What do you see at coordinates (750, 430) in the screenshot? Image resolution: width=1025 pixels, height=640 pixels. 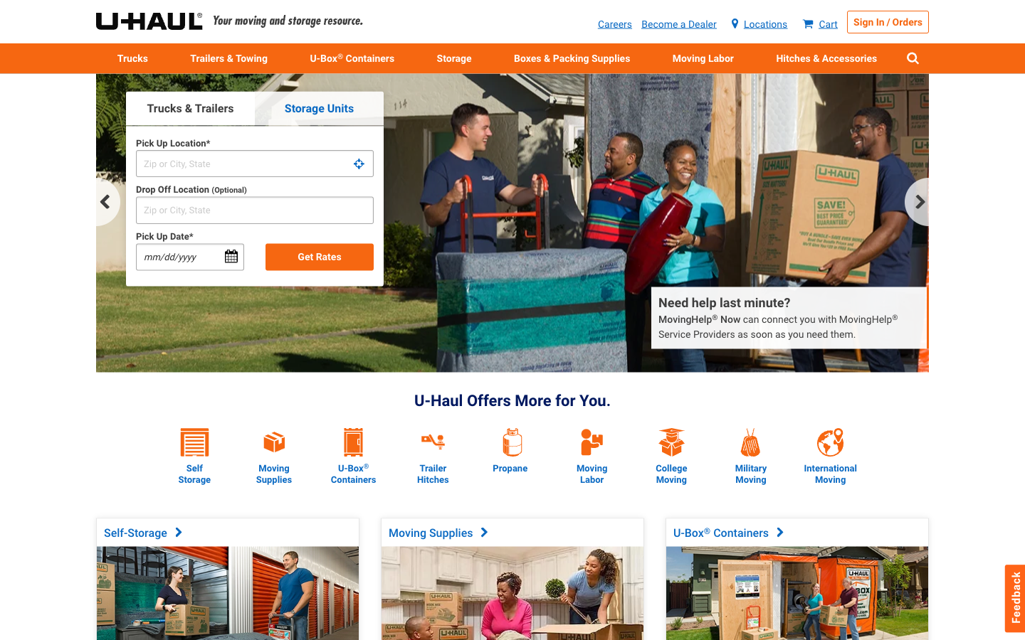 I see `Do you provide discounts for military veterans?` at bounding box center [750, 430].